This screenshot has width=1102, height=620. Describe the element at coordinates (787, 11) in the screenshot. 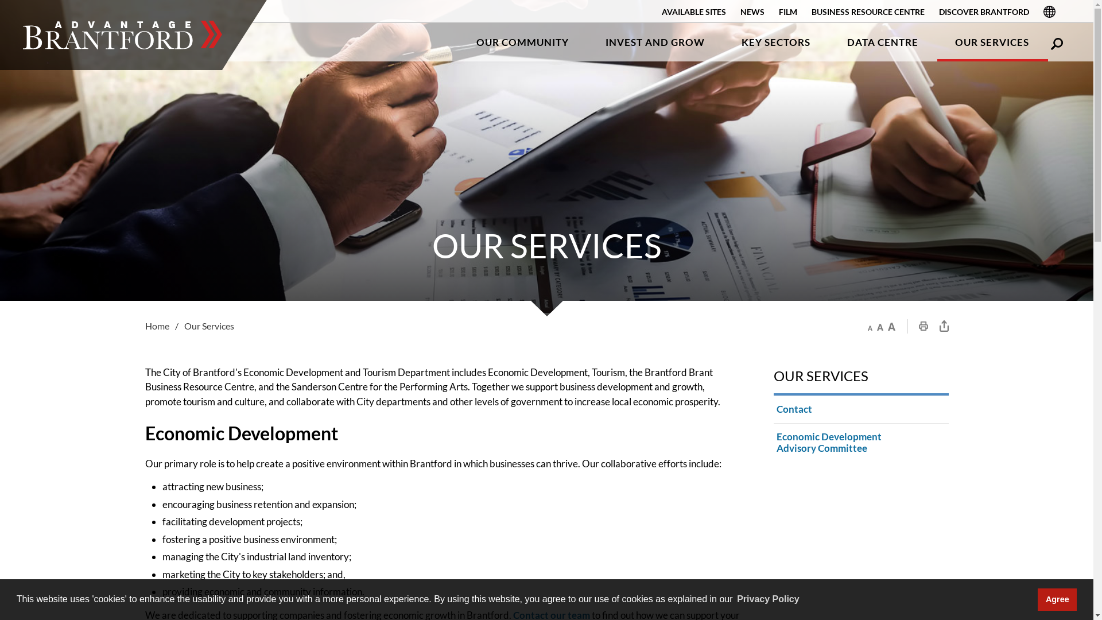

I see `'FILM'` at that location.